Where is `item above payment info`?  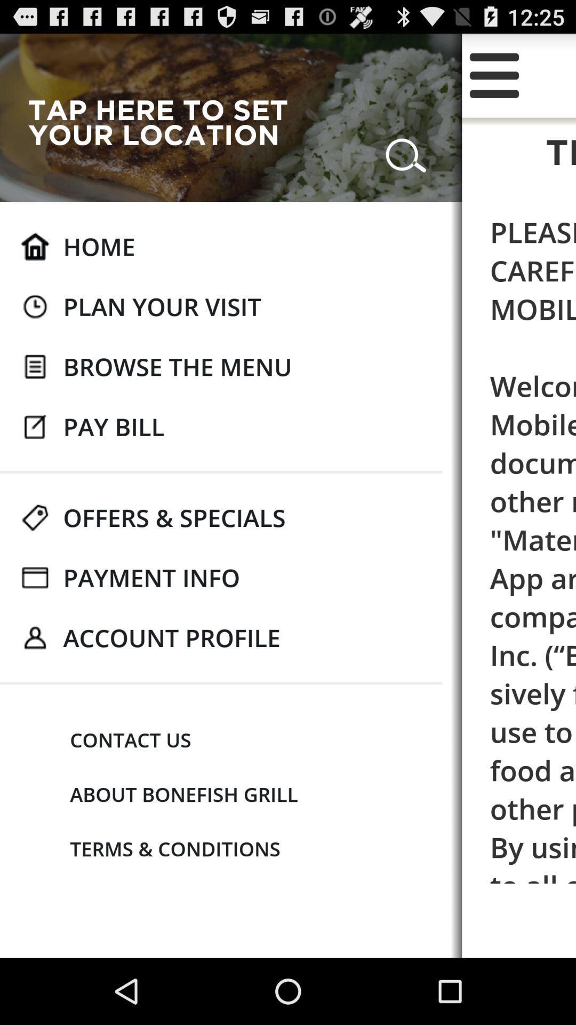
item above payment info is located at coordinates (174, 517).